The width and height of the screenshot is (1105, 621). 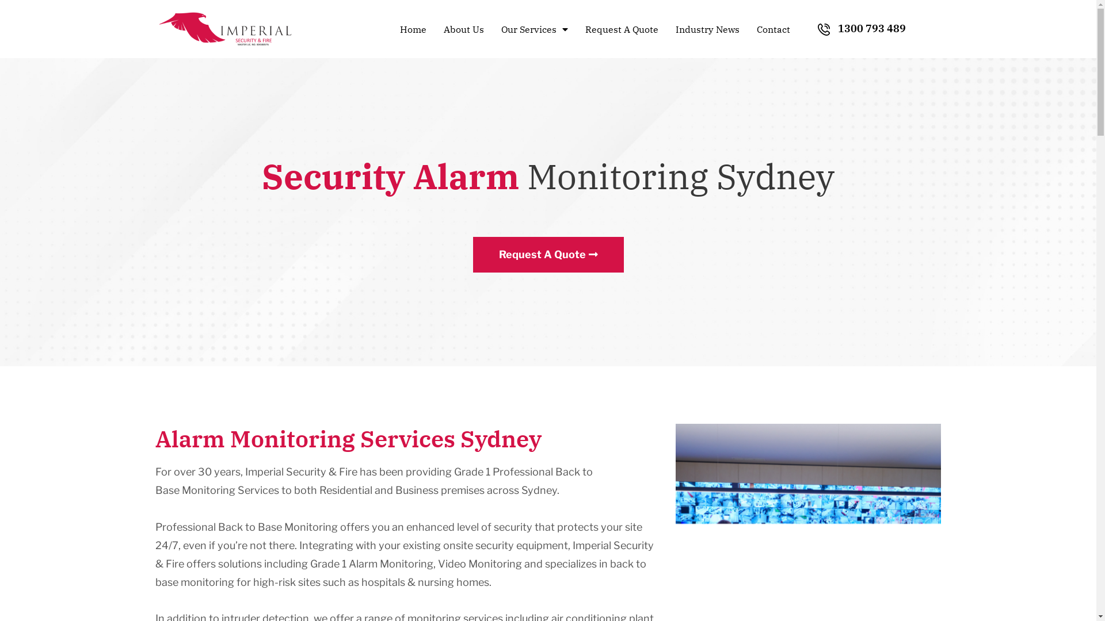 What do you see at coordinates (669, 28) in the screenshot?
I see `'Industry News'` at bounding box center [669, 28].